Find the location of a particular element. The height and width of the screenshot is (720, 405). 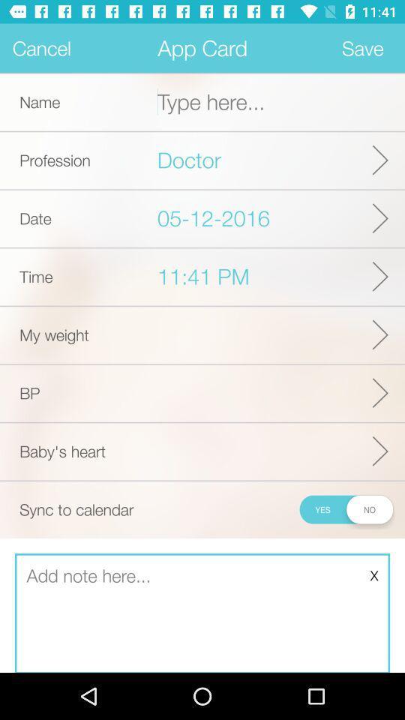

to sync to calendar is located at coordinates (346, 509).